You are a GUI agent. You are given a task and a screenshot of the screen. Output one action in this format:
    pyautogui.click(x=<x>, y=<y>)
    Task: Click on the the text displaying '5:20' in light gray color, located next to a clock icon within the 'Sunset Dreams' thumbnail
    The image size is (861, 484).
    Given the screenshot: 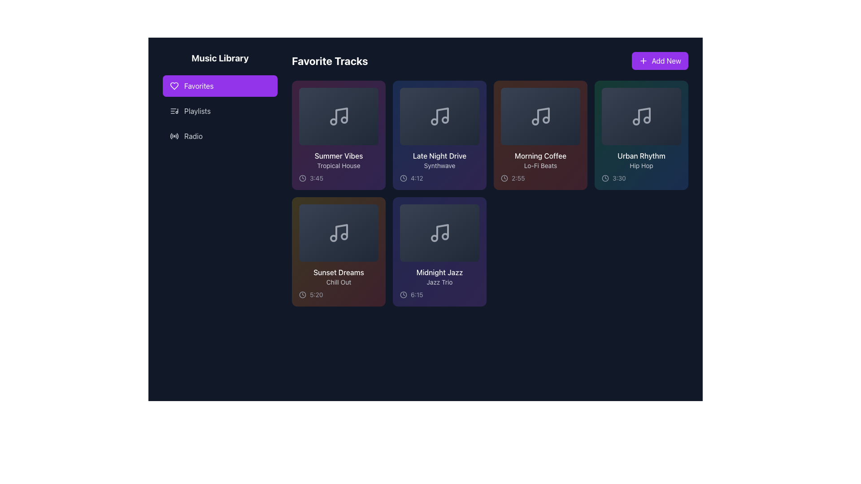 What is the action you would take?
    pyautogui.click(x=316, y=295)
    